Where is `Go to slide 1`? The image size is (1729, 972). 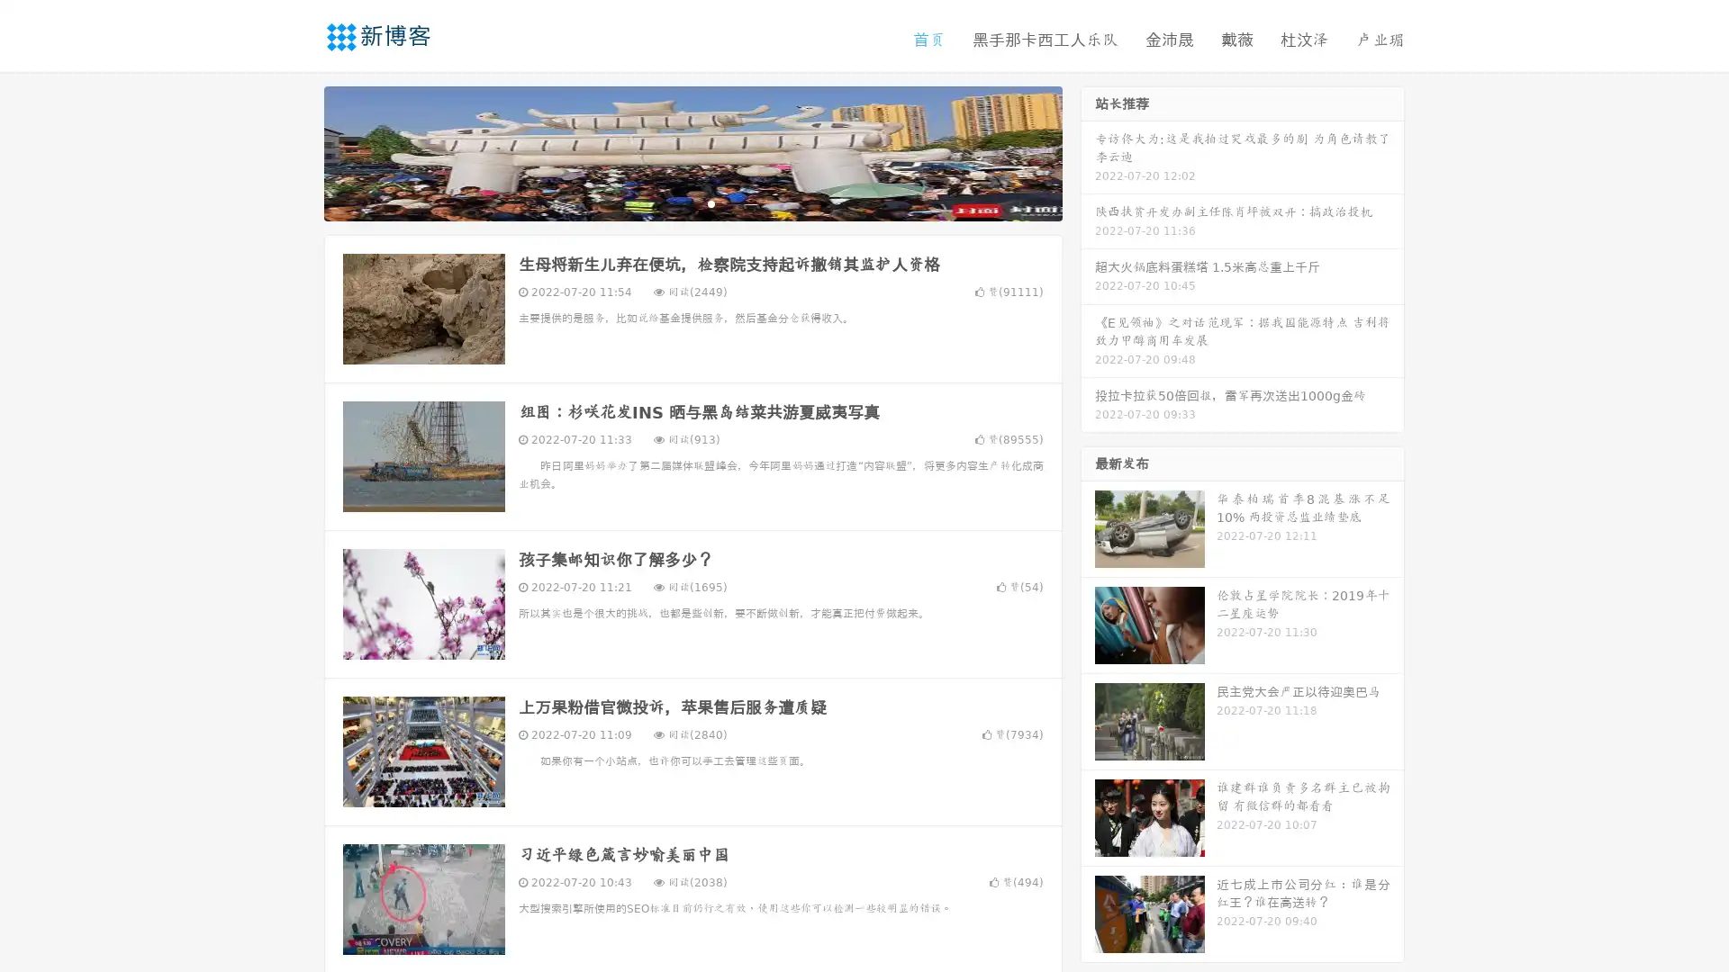 Go to slide 1 is located at coordinates (674, 202).